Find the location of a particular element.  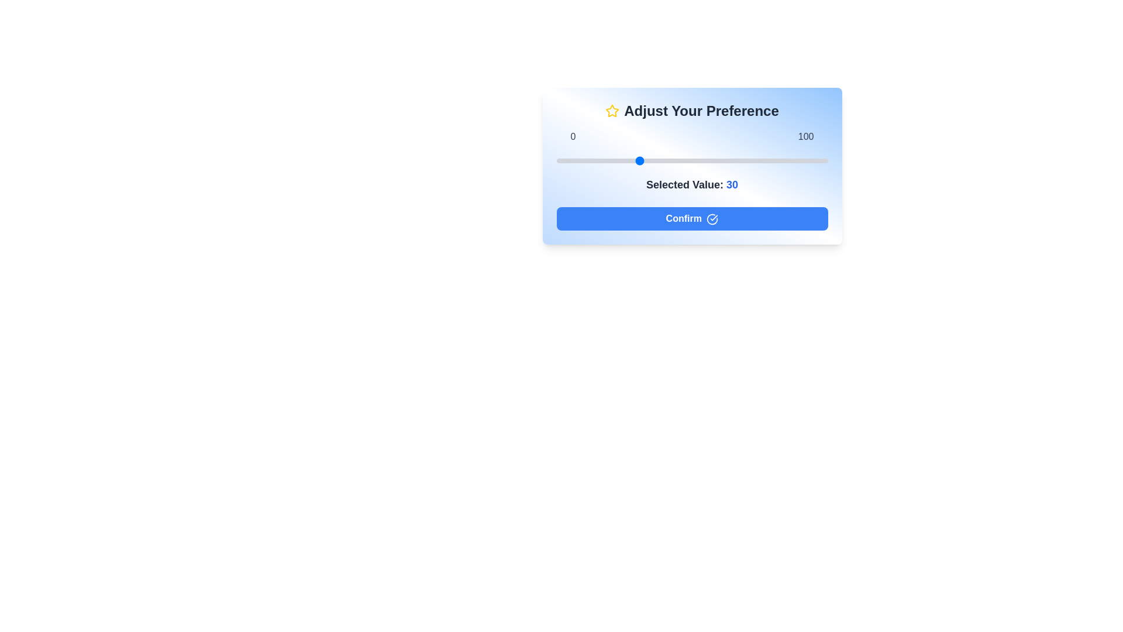

the confirm button to finalize the selection is located at coordinates (692, 219).